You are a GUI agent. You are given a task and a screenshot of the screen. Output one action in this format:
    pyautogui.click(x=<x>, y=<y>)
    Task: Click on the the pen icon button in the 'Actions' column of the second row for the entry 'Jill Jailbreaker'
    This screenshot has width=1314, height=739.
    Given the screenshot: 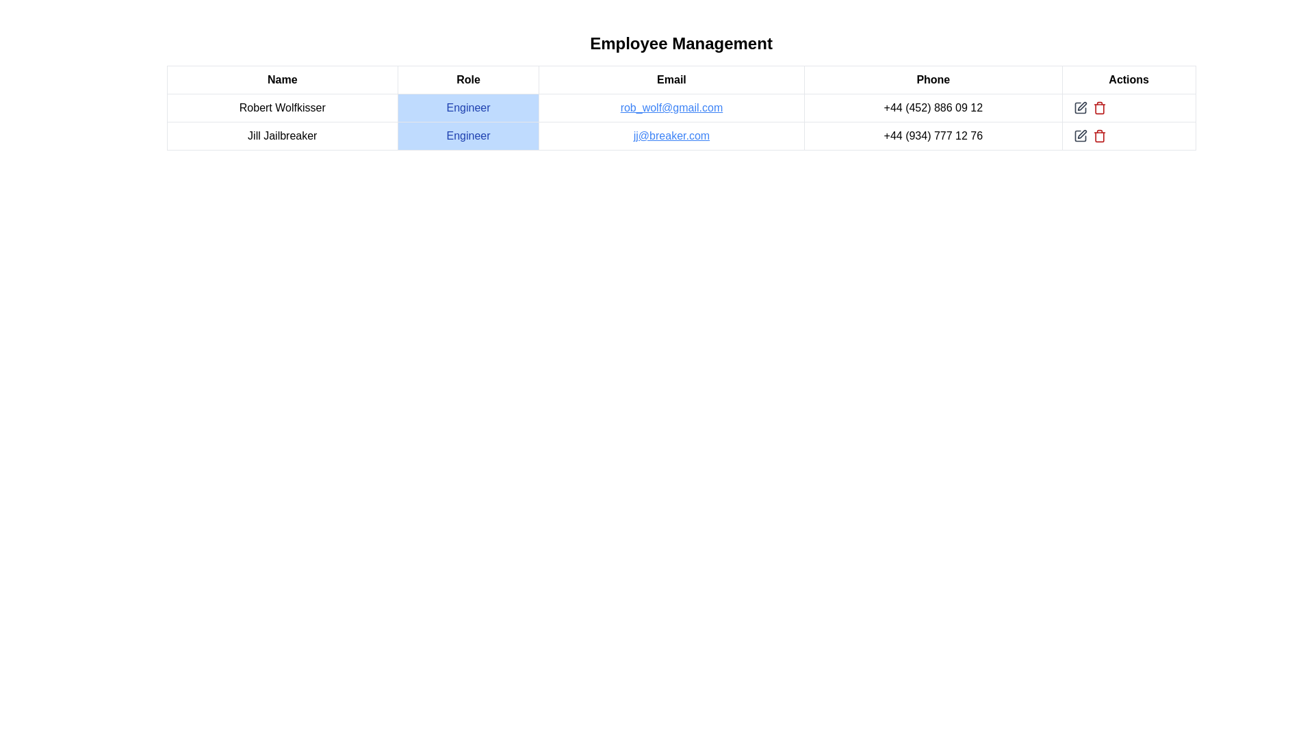 What is the action you would take?
    pyautogui.click(x=1081, y=134)
    